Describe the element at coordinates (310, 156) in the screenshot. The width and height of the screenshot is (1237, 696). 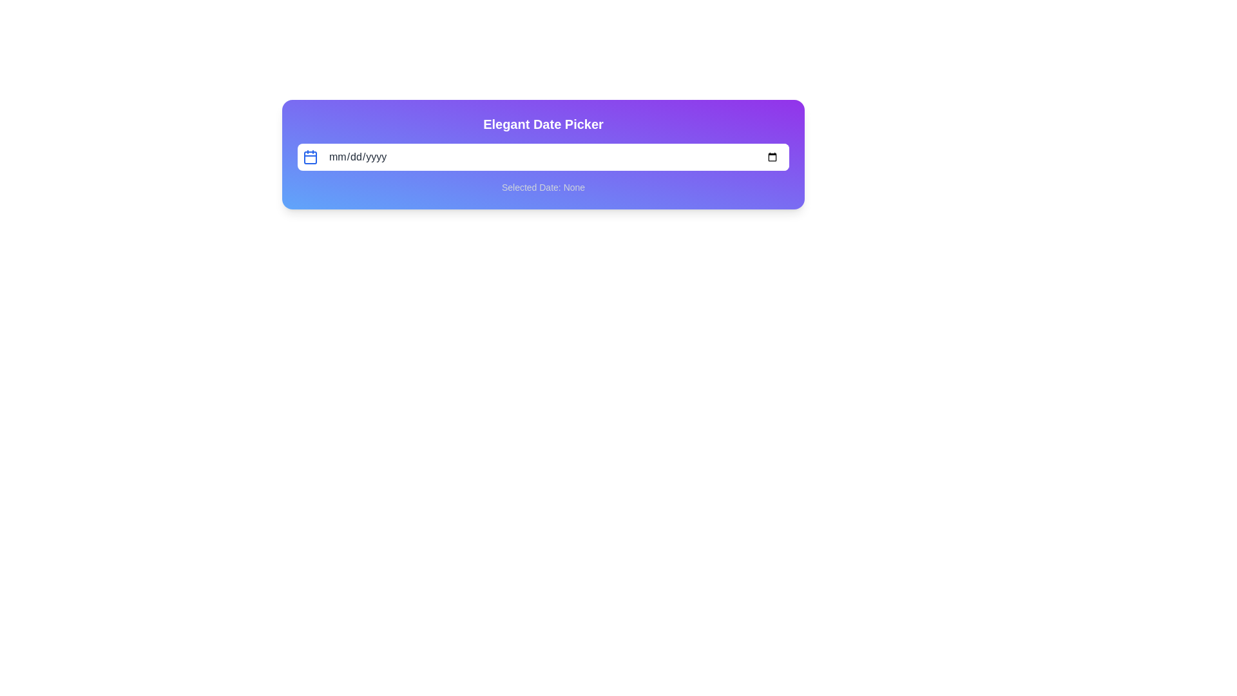
I see `the calendar icon located at the far left of the date picker component, adjacent to the 'mm/dd/yyyy' text input field` at that location.